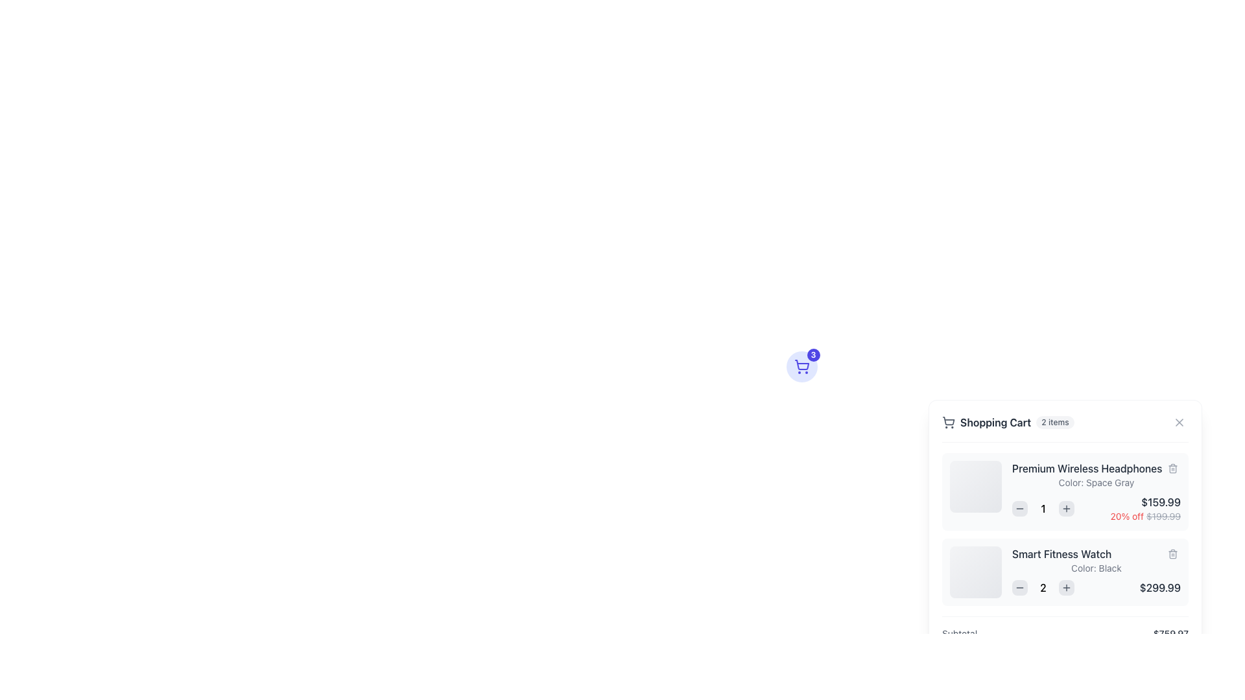  I want to click on the text label displaying the color information 'Space Gray' for the product 'Premium Wireless Headphones' in the shopping cart interface, so click(1095, 482).